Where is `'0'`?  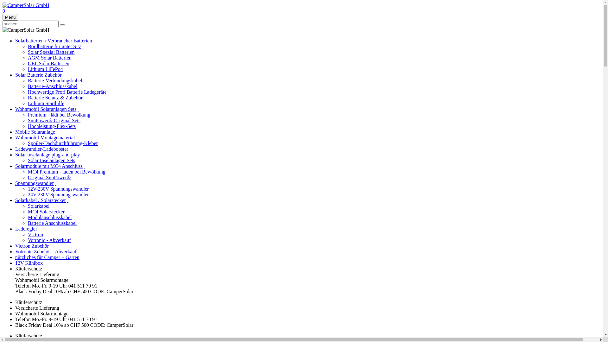 '0' is located at coordinates (4, 11).